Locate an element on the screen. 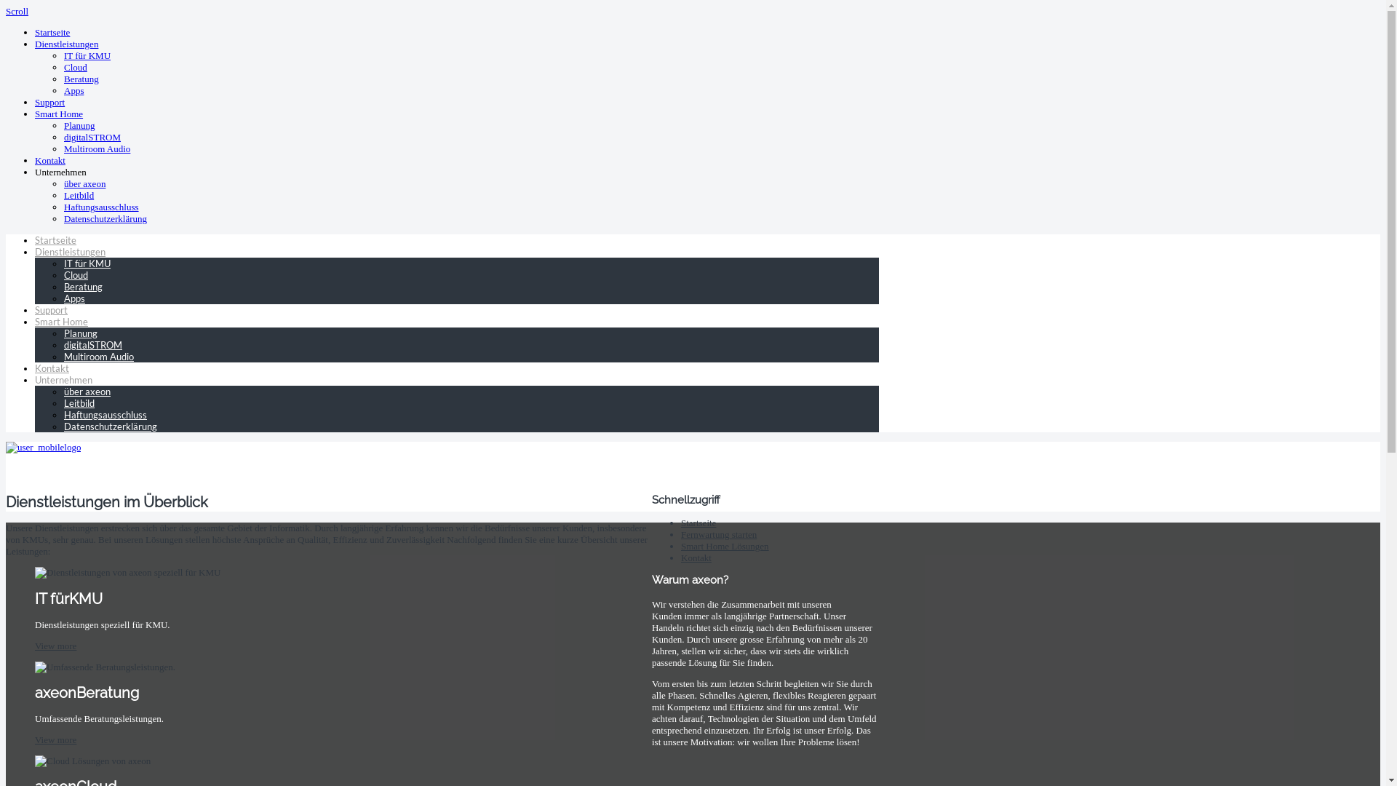 Image resolution: width=1397 pixels, height=786 pixels. 'Scroll' is located at coordinates (17, 11).